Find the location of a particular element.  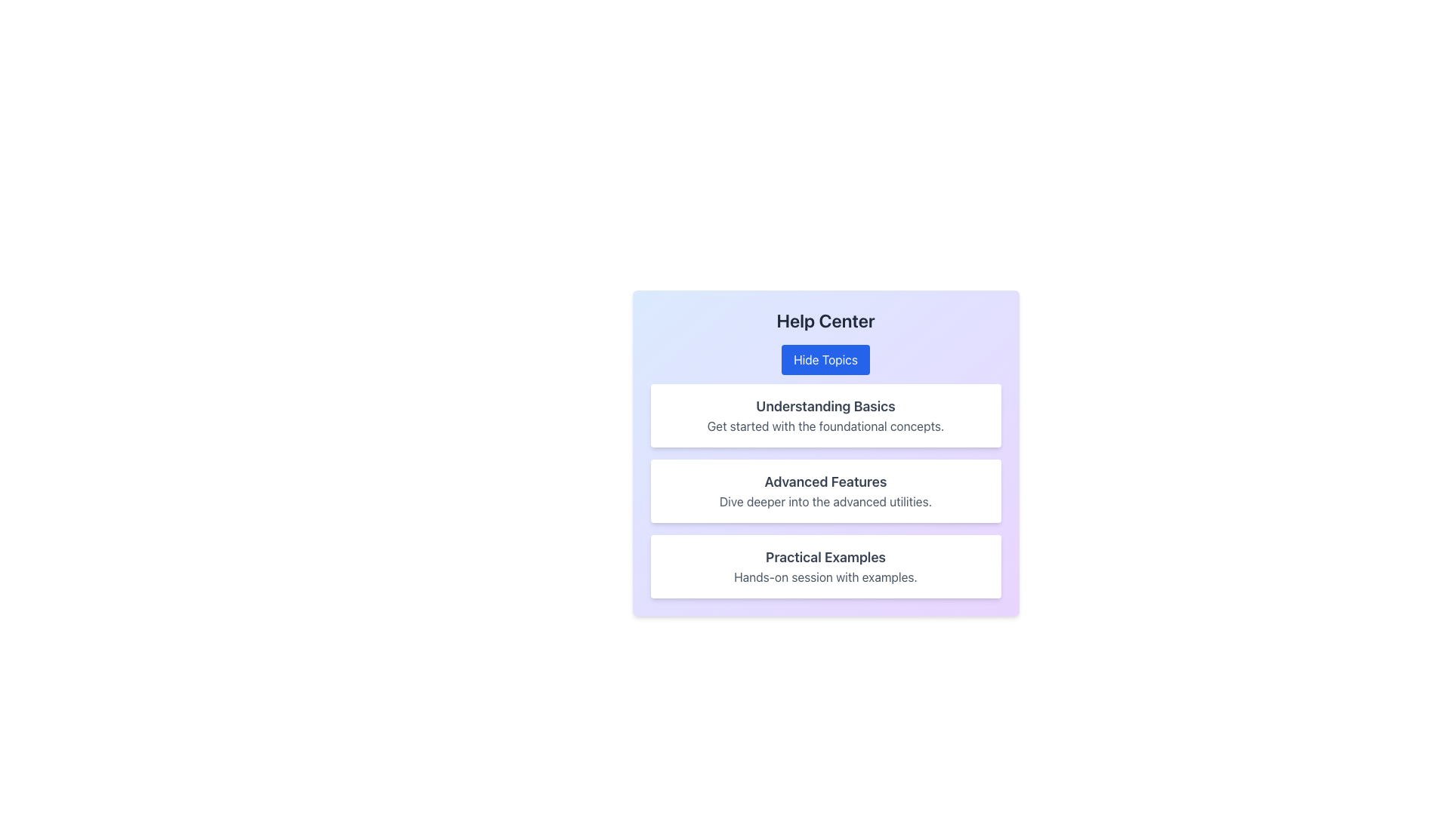

text from the bold, large dark gray text label displaying 'Understanding Basics' located at the top of the white card with rounded corners is located at coordinates (825, 406).